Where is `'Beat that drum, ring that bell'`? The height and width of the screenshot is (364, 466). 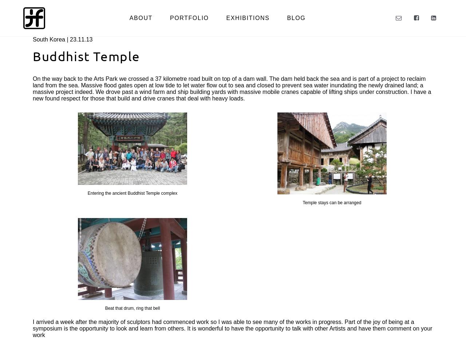
'Beat that drum, ring that bell' is located at coordinates (132, 308).